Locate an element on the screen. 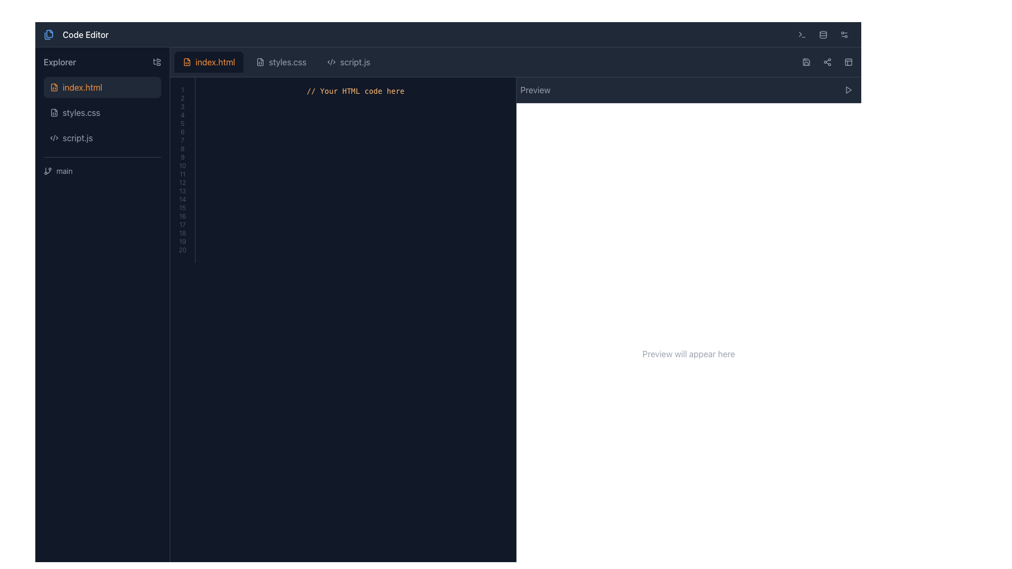 This screenshot has width=1012, height=569. the StaticText displaying the number '7', which is the seventh item in a vertical list located on the left side of the interface is located at coordinates (182, 140).